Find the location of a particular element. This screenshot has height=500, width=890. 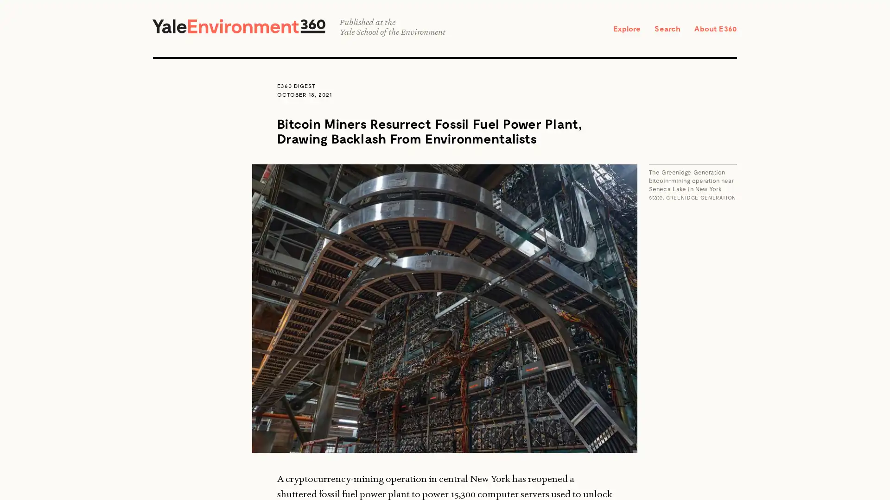

SEARCH is located at coordinates (714, 21).